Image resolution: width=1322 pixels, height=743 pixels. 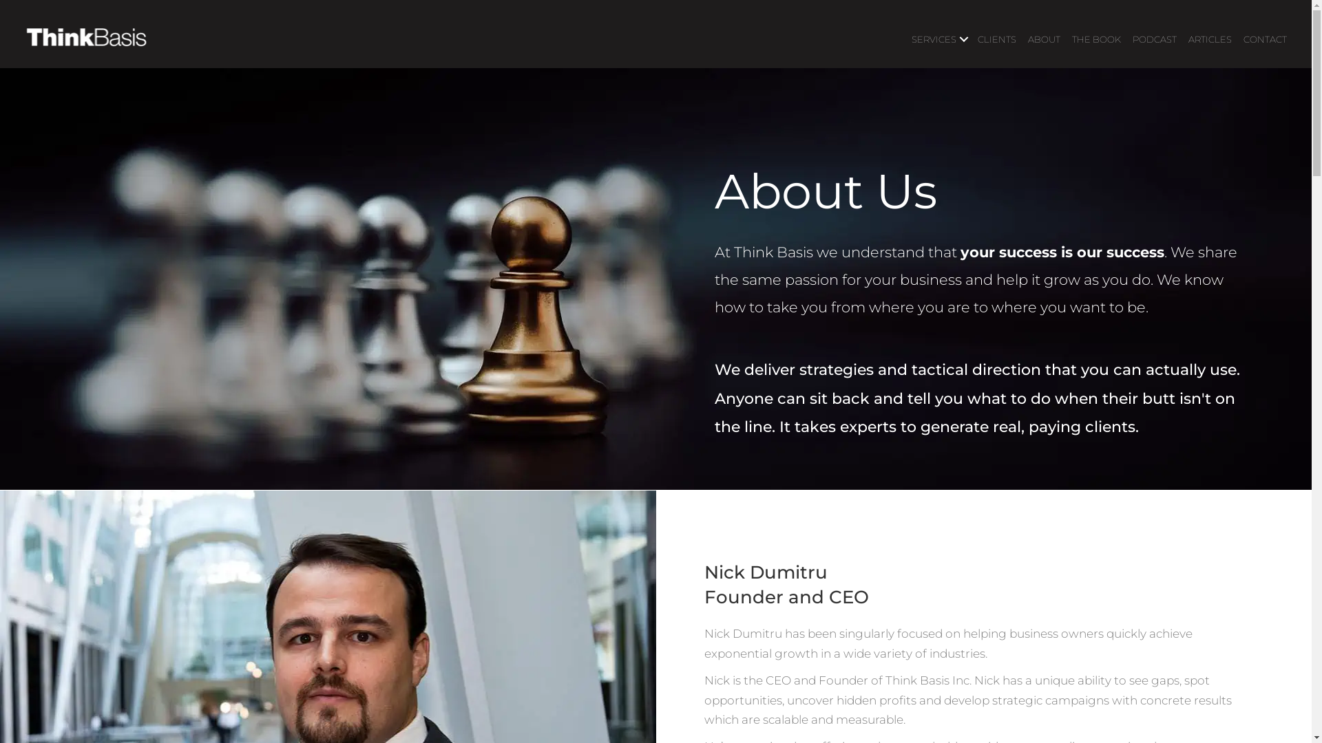 What do you see at coordinates (1126, 39) in the screenshot?
I see `'PODCAST'` at bounding box center [1126, 39].